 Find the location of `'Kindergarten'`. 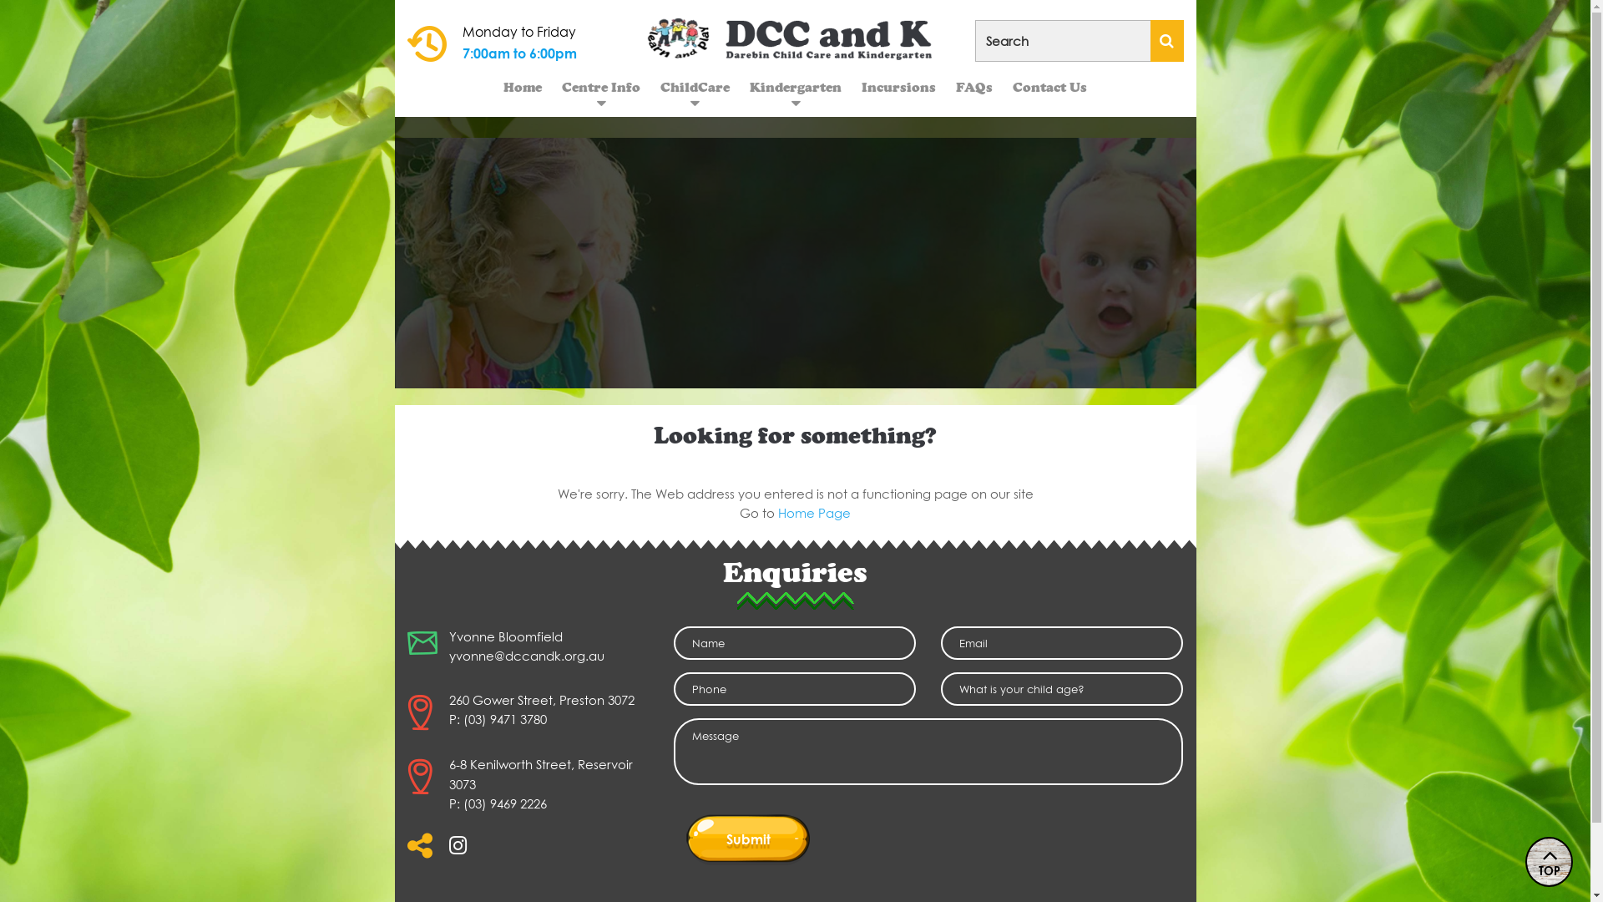

'Kindergarten' is located at coordinates (795, 87).